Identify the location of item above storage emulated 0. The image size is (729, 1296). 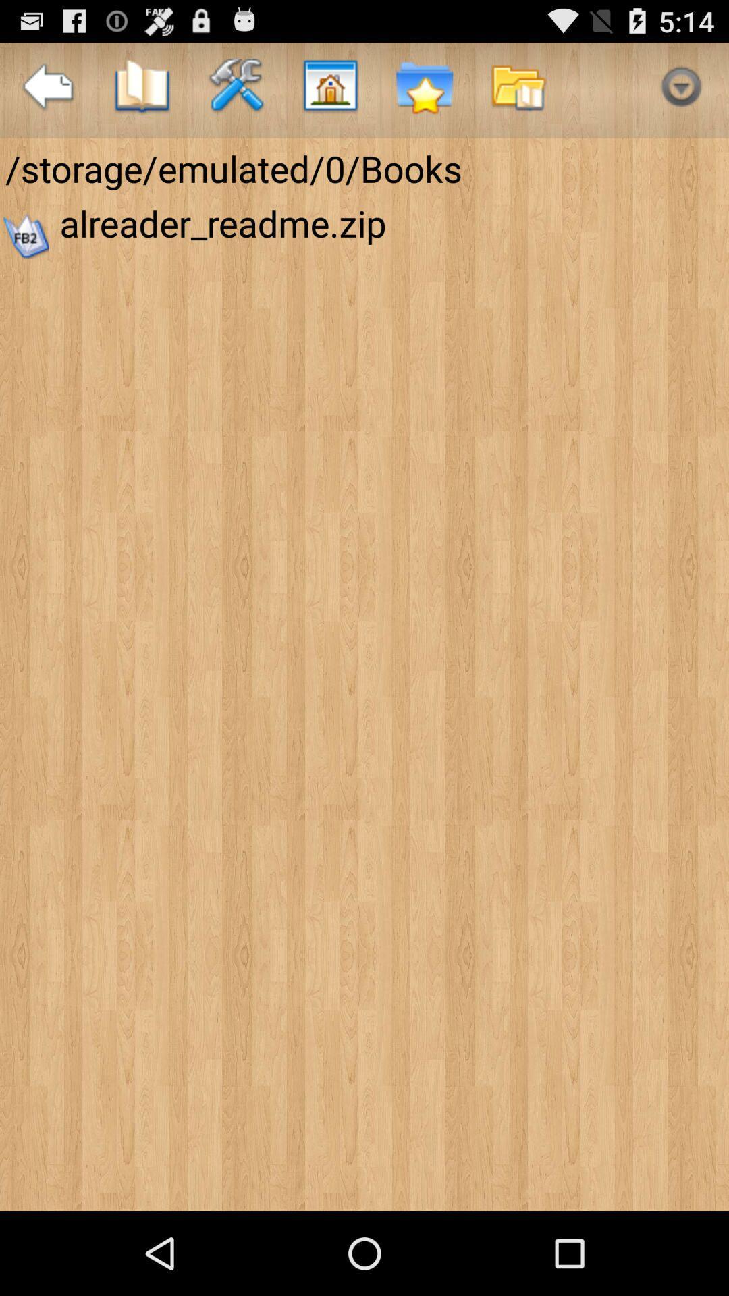
(47, 89).